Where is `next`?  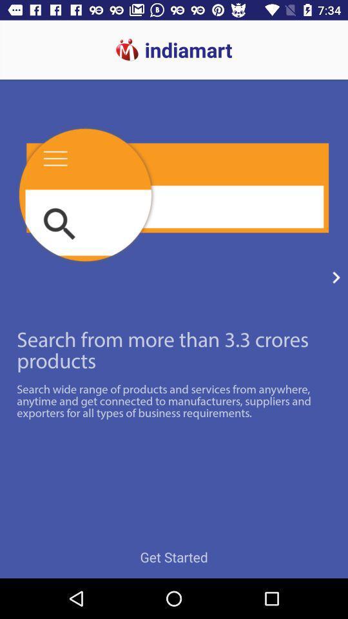 next is located at coordinates (336, 277).